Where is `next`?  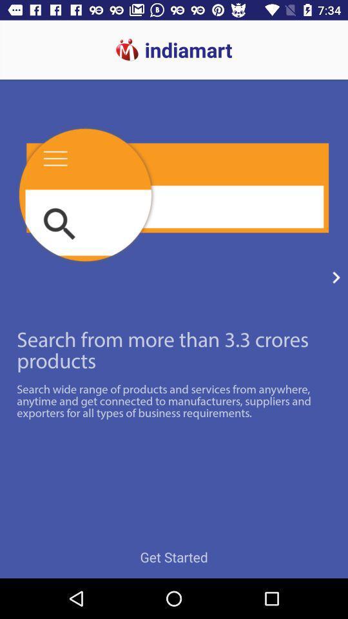 next is located at coordinates (336, 277).